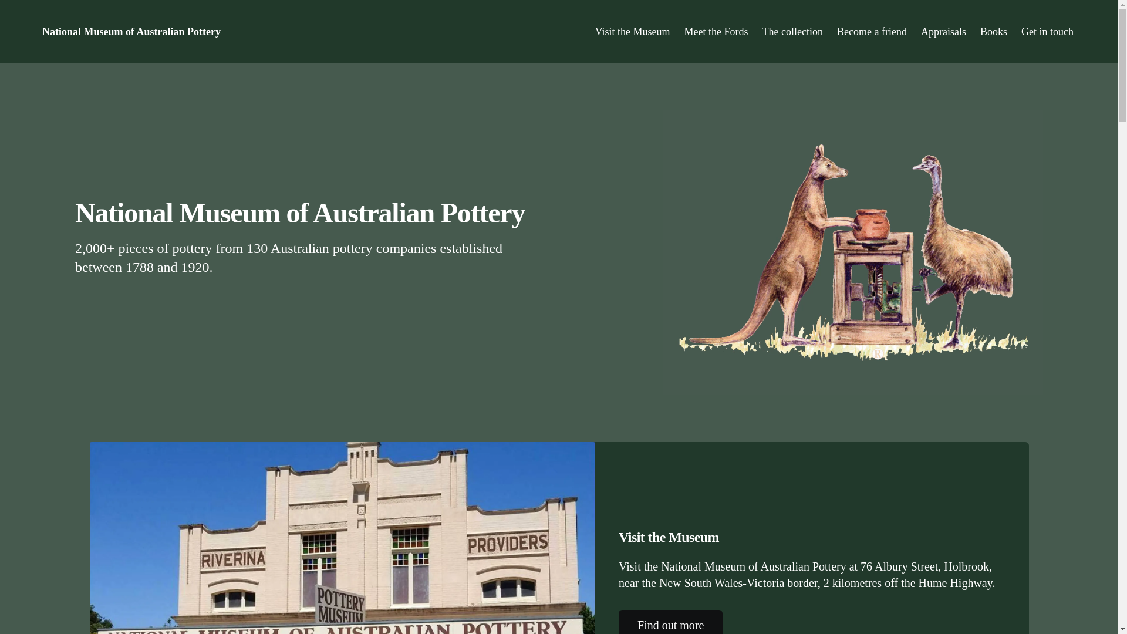  I want to click on 'Books', so click(993, 31).